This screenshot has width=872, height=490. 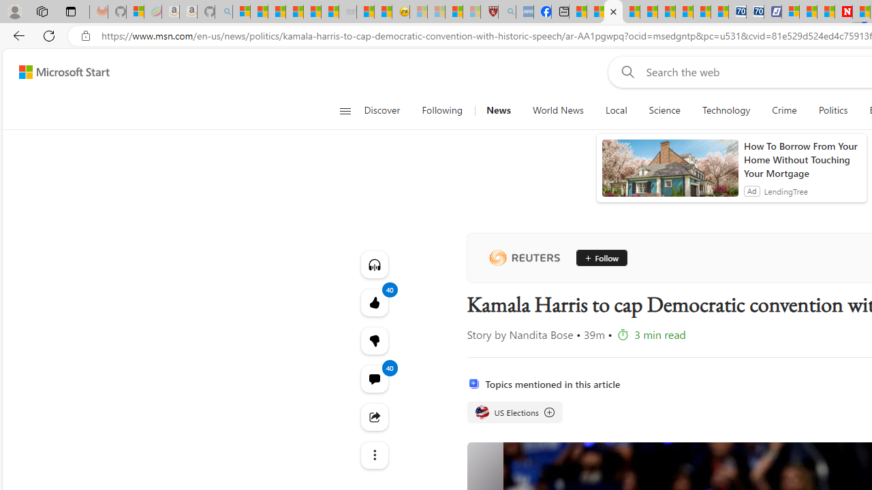 I want to click on 'Robert H. Shmerling, MD - Harvard Health', so click(x=489, y=12).